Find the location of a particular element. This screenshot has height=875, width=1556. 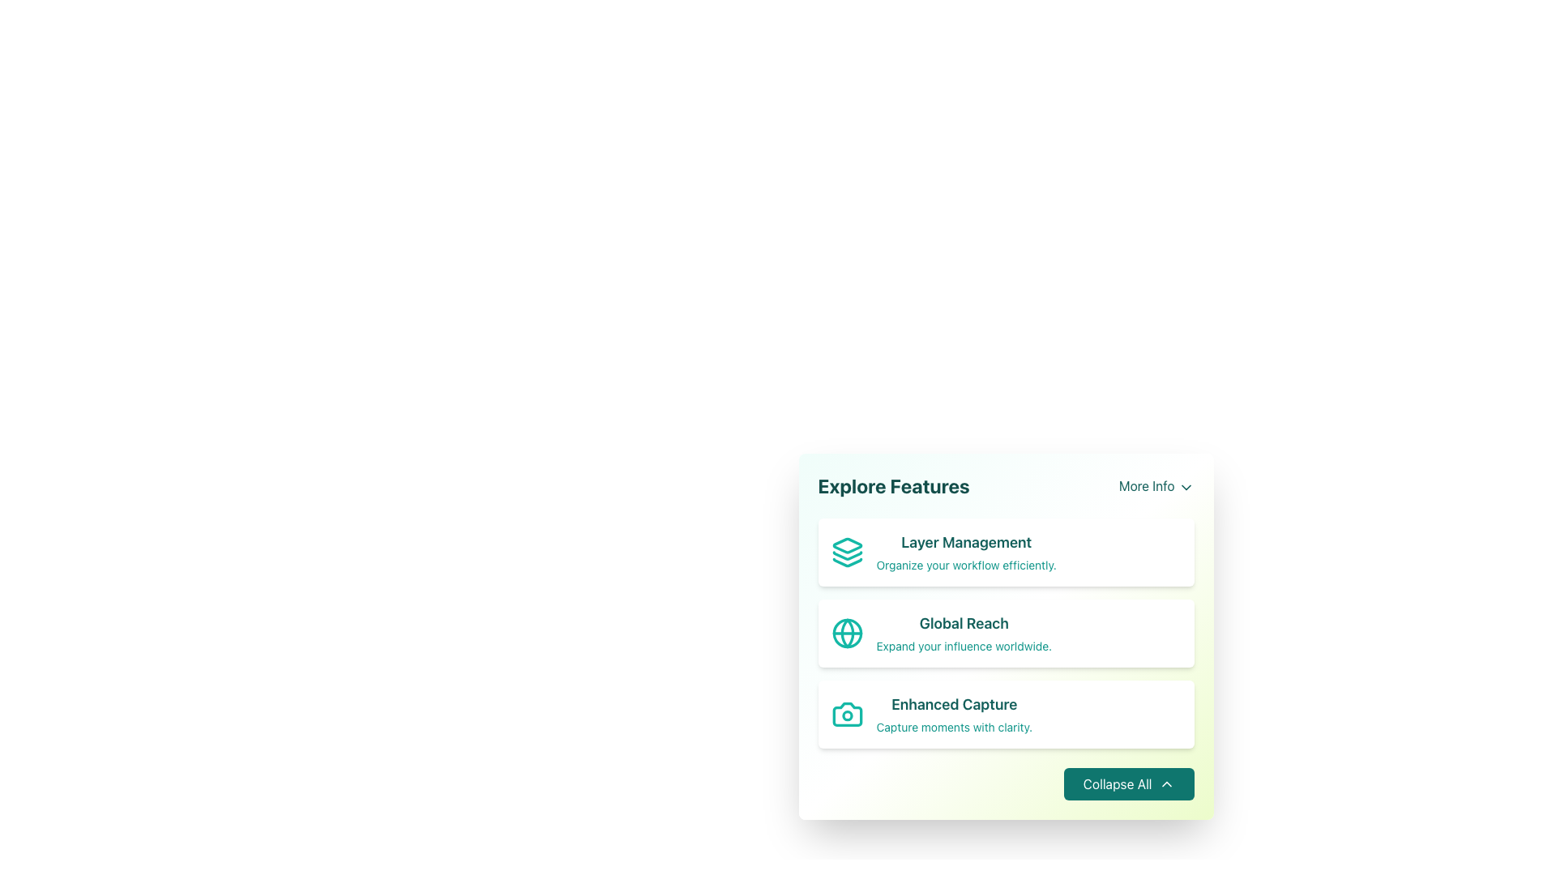

the camera icon representing the photography feature next to the 'Enhanced Capture' text in the 'Explore Features' card is located at coordinates (846, 714).